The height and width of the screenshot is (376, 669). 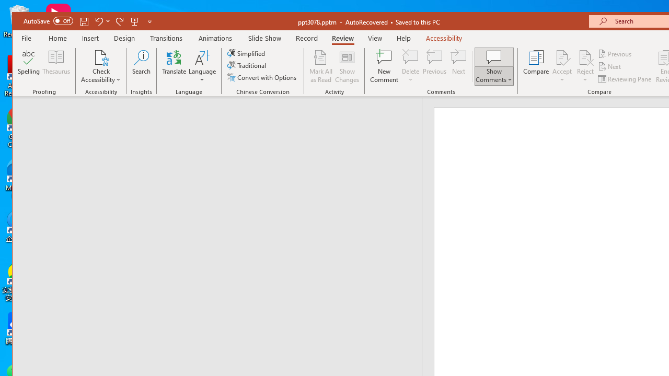 I want to click on 'Convert with Options...', so click(x=263, y=77).